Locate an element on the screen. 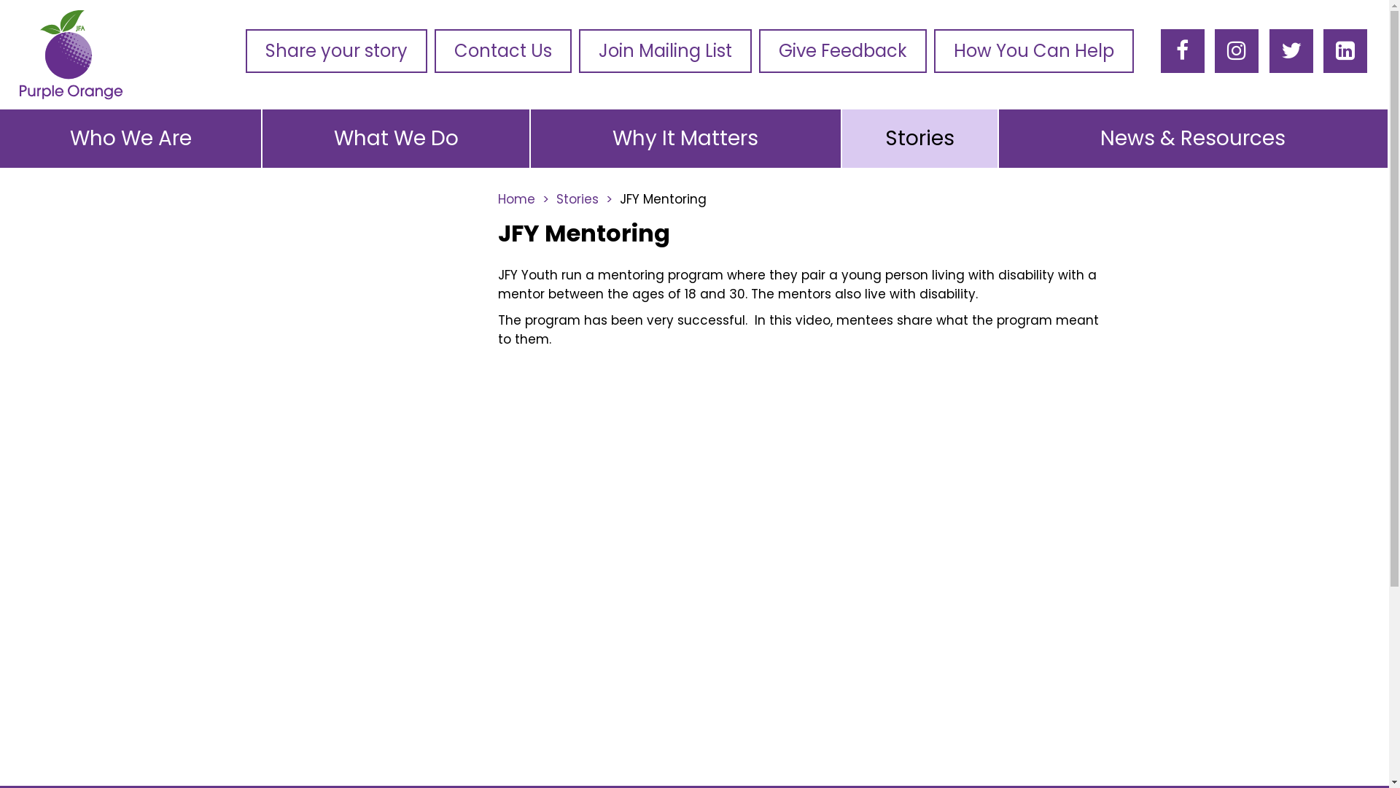 Image resolution: width=1400 pixels, height=788 pixels. 'Home' is located at coordinates (522, 199).